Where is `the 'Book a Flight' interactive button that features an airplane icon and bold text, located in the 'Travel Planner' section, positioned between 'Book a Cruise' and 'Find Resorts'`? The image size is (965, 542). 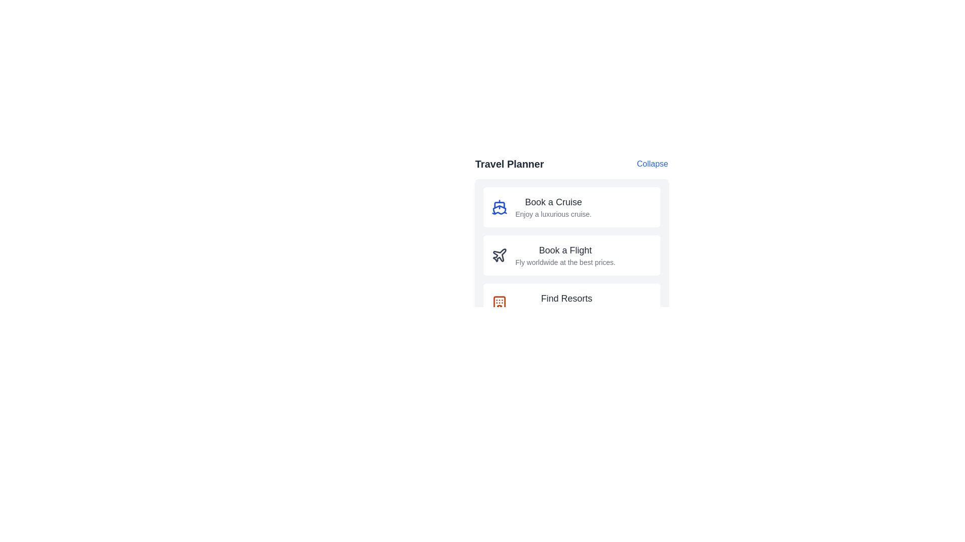
the 'Book a Flight' interactive button that features an airplane icon and bold text, located in the 'Travel Planner' section, positioned between 'Book a Cruise' and 'Find Resorts' is located at coordinates (571, 255).